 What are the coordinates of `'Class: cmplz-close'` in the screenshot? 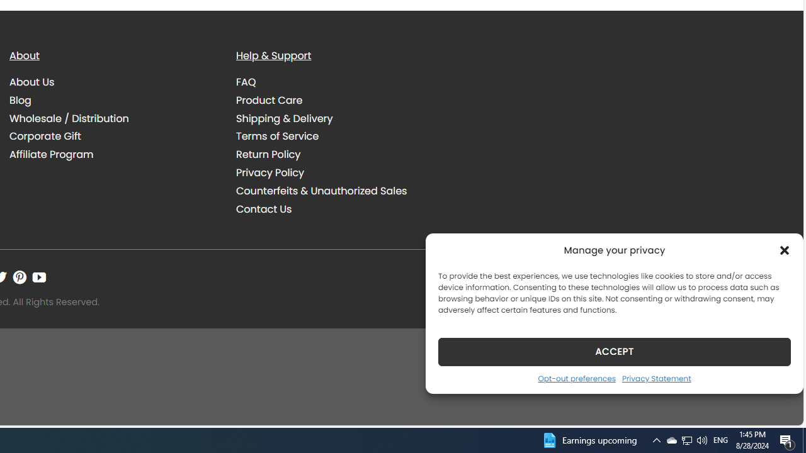 It's located at (784, 250).